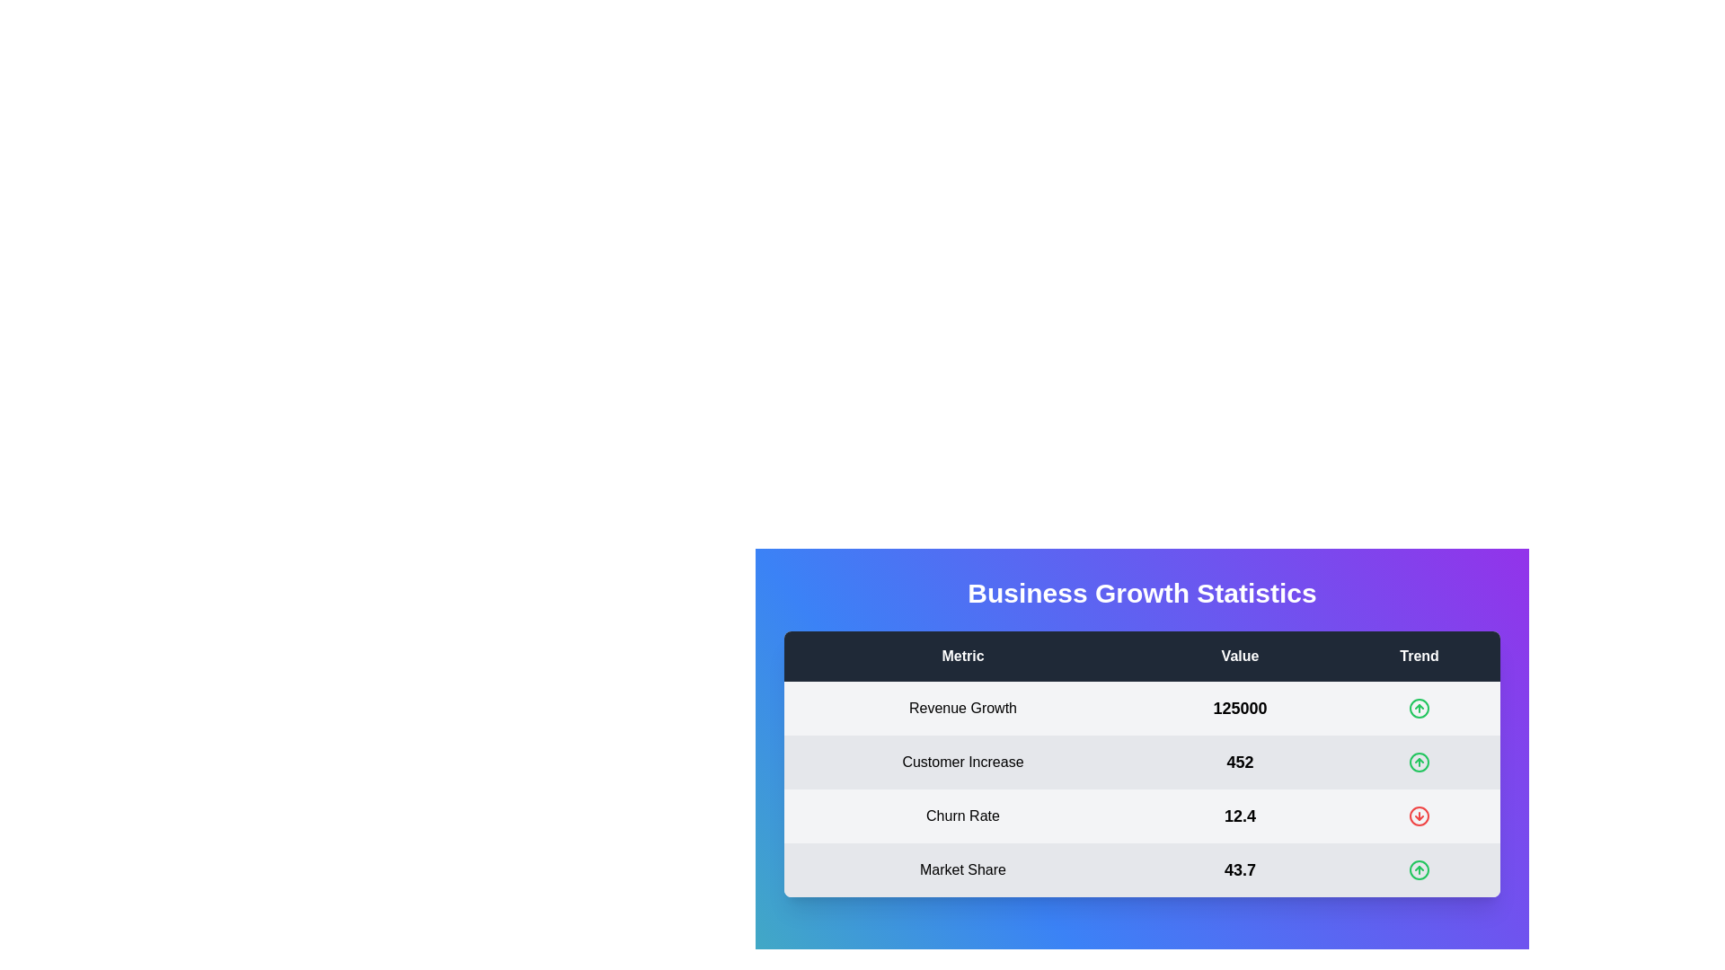  I want to click on the trend icon corresponding to the Customer Increase metric, so click(1418, 763).